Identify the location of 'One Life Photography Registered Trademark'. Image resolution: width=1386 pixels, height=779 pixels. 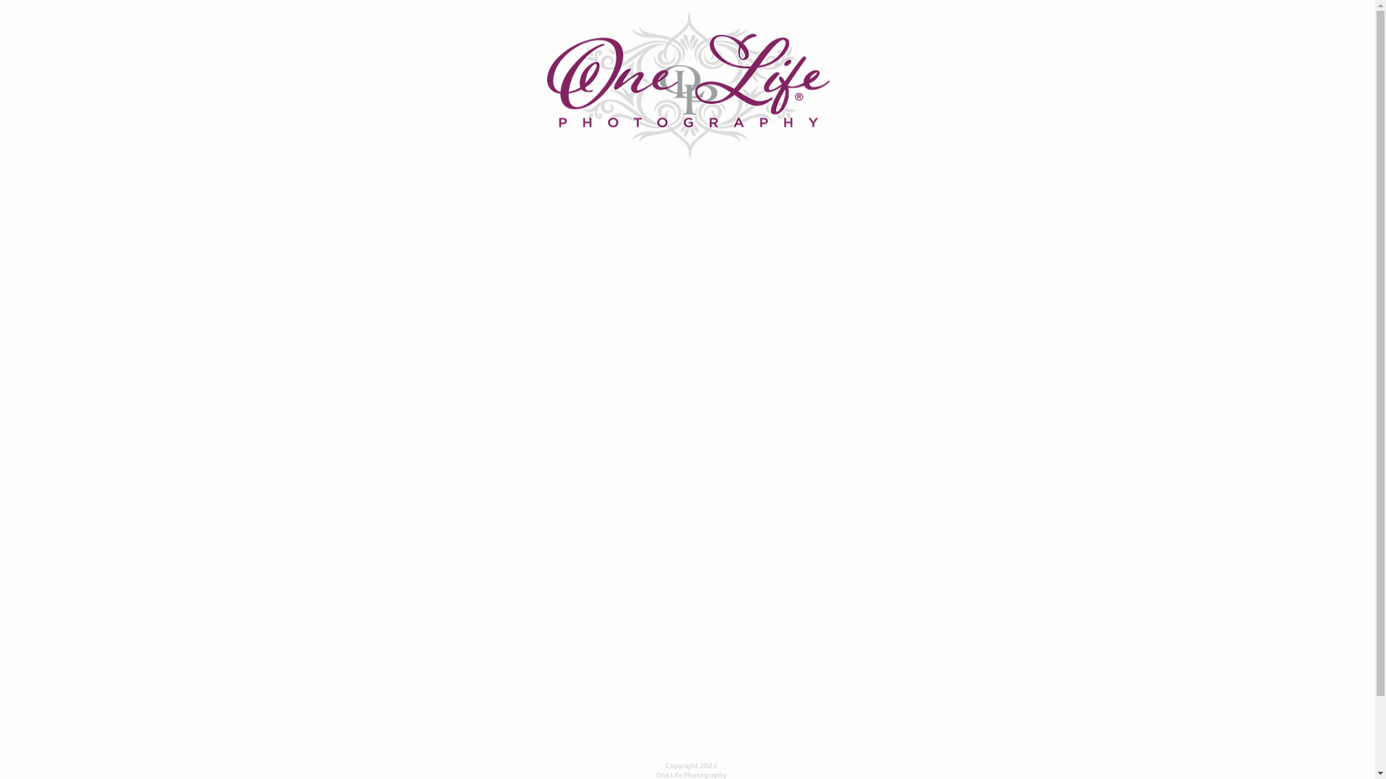
(687, 85).